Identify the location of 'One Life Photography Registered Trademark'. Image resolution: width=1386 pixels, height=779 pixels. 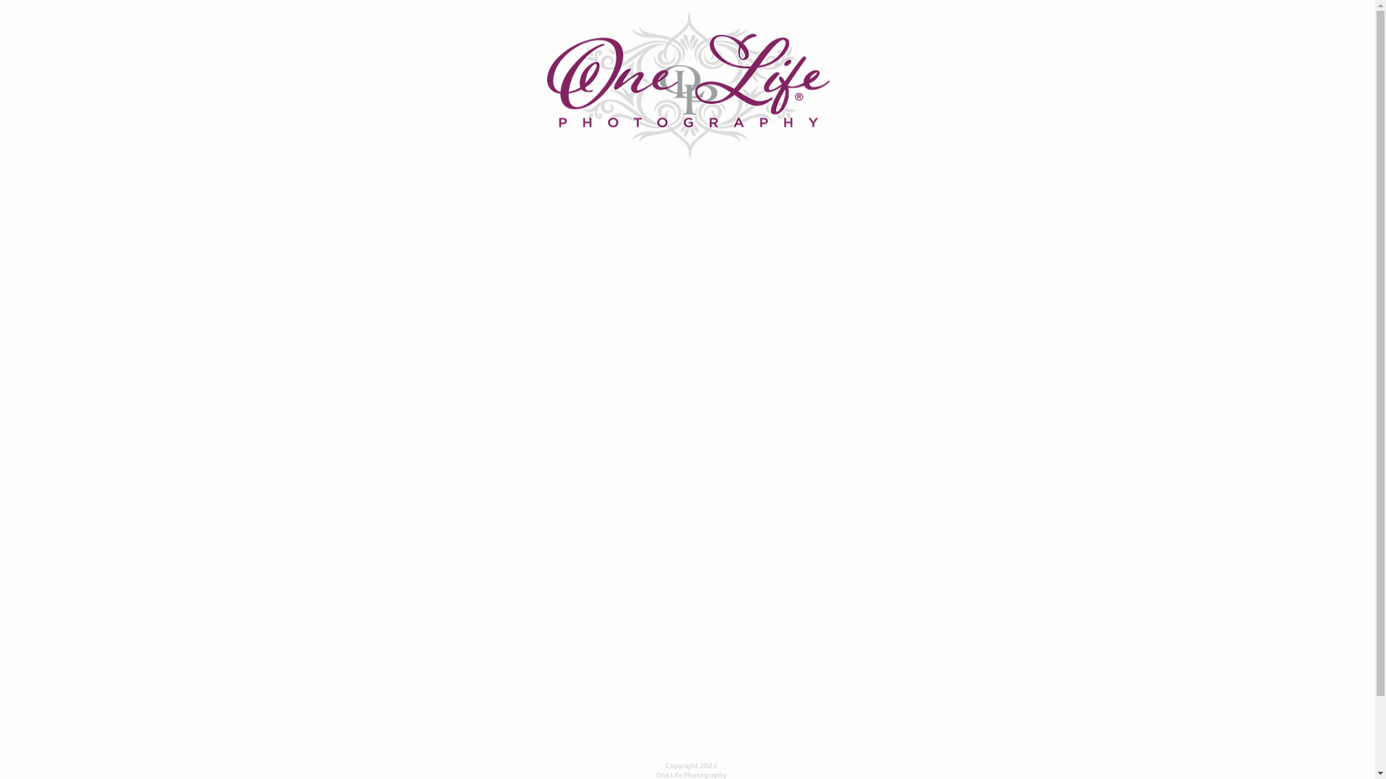
(687, 85).